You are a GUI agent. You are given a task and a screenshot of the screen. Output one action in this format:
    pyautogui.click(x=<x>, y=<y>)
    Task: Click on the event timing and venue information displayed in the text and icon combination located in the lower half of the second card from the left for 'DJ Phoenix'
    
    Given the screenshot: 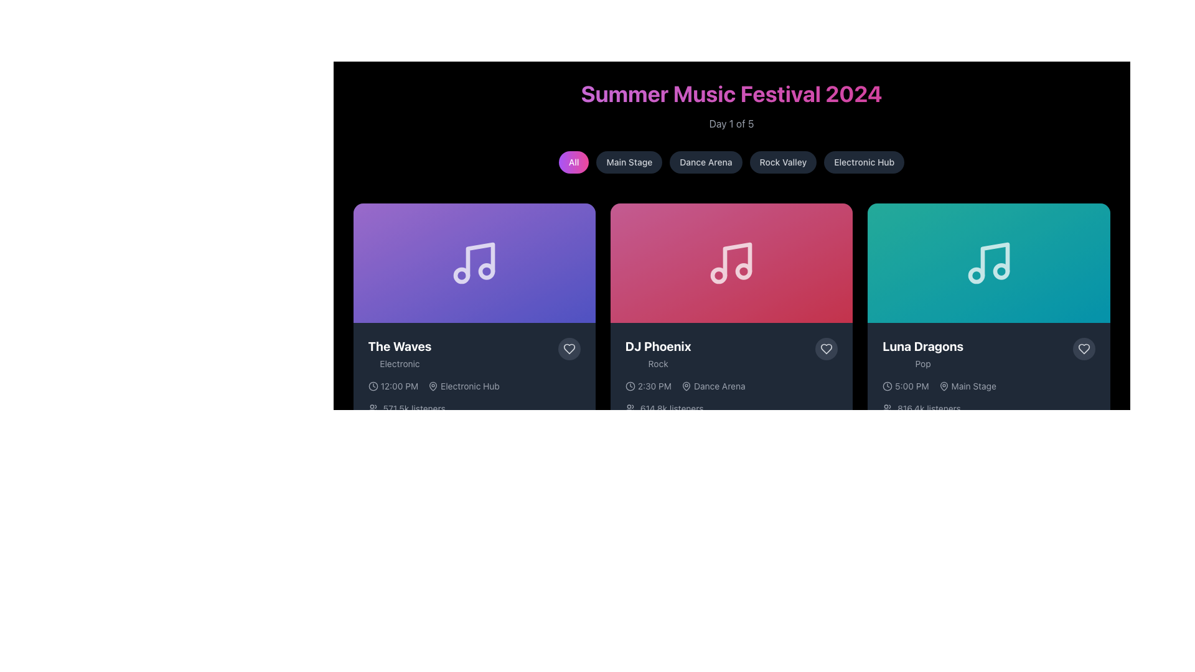 What is the action you would take?
    pyautogui.click(x=731, y=386)
    